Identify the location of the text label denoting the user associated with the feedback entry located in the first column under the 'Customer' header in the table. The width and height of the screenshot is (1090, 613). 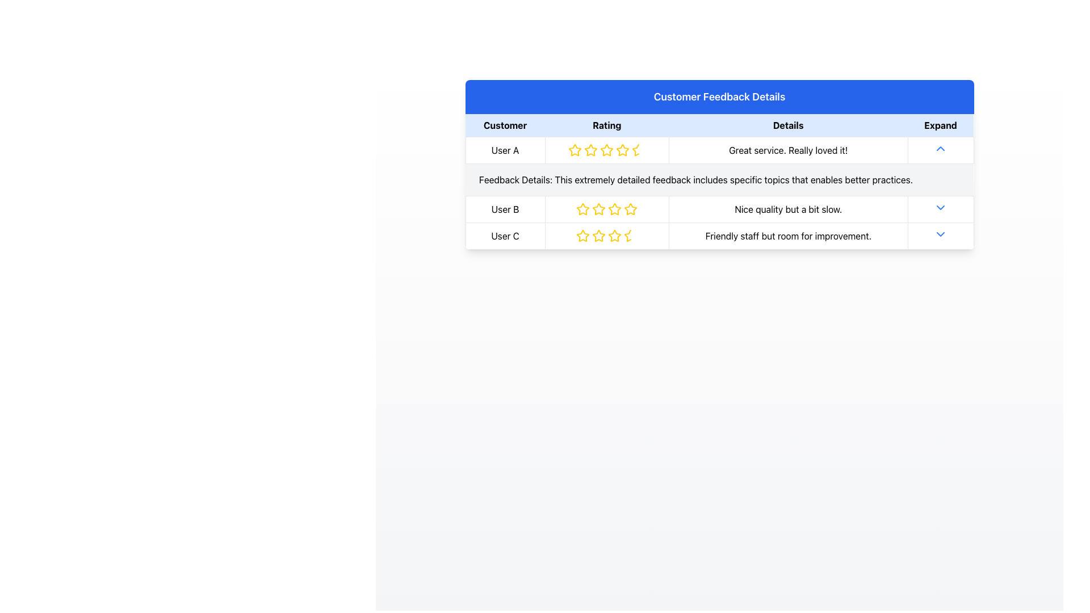
(505, 150).